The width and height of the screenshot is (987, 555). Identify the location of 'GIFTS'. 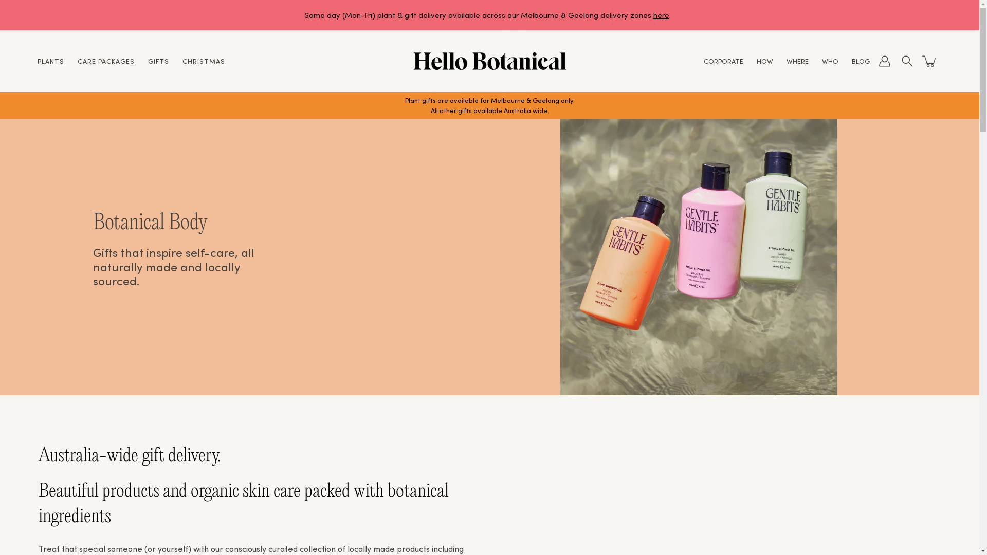
(158, 61).